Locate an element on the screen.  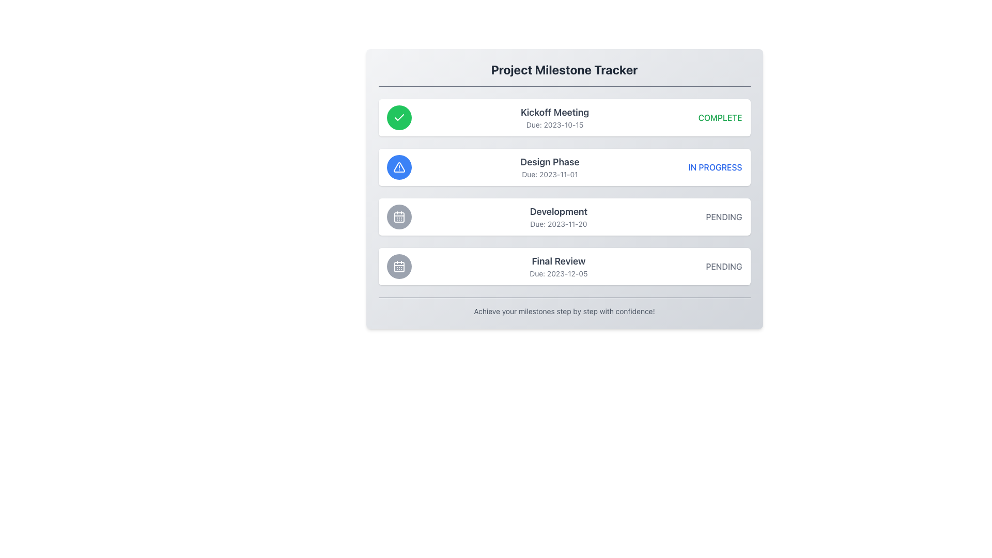
the encouragement text block located at the bottom of the 'Project Milestone Tracker' card, which serves to motivate users interacting with the milestone tracker is located at coordinates (564, 306).